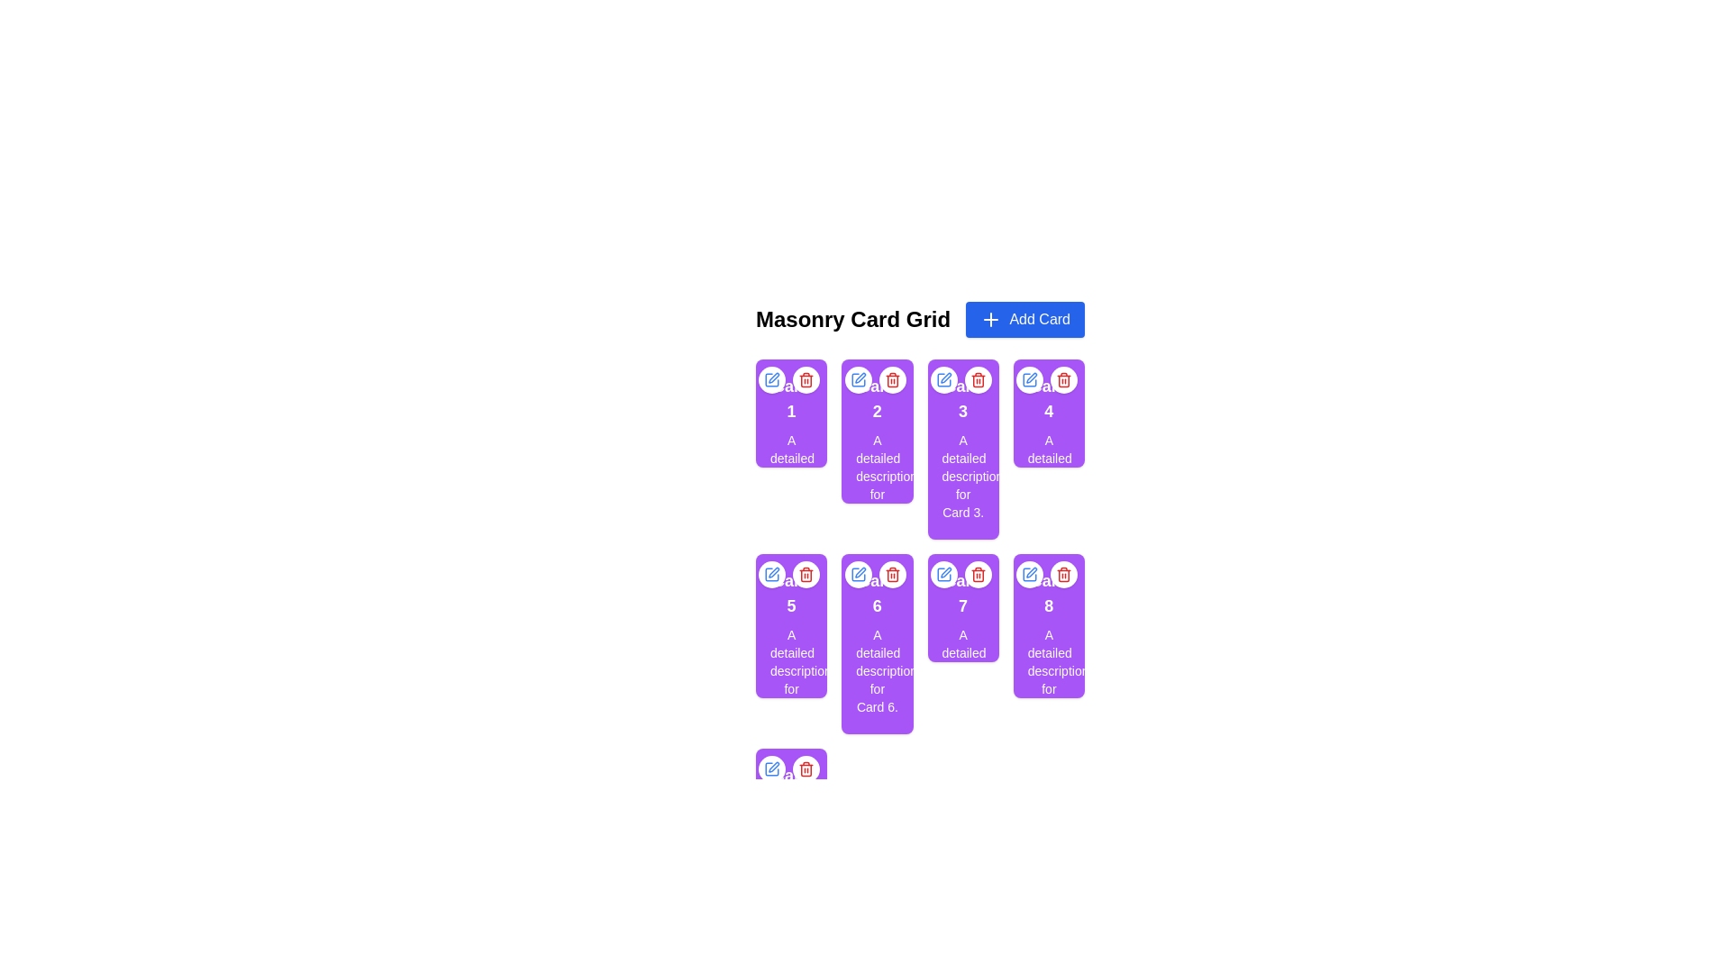  Describe the element at coordinates (789, 378) in the screenshot. I see `the delete icon in the button group located at the top-right corner of the first card labeled 'Card 1' in a grid layout of purple cards` at that location.